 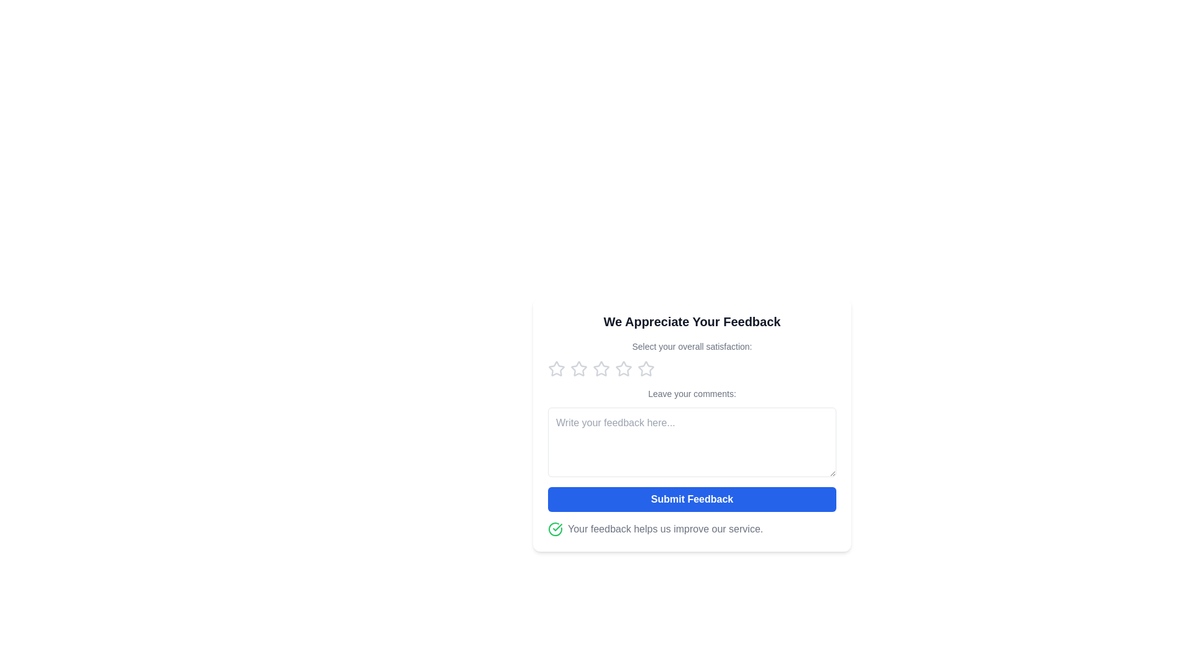 What do you see at coordinates (691, 498) in the screenshot?
I see `the 'Submit Feedback' button with a blue background and white text` at bounding box center [691, 498].